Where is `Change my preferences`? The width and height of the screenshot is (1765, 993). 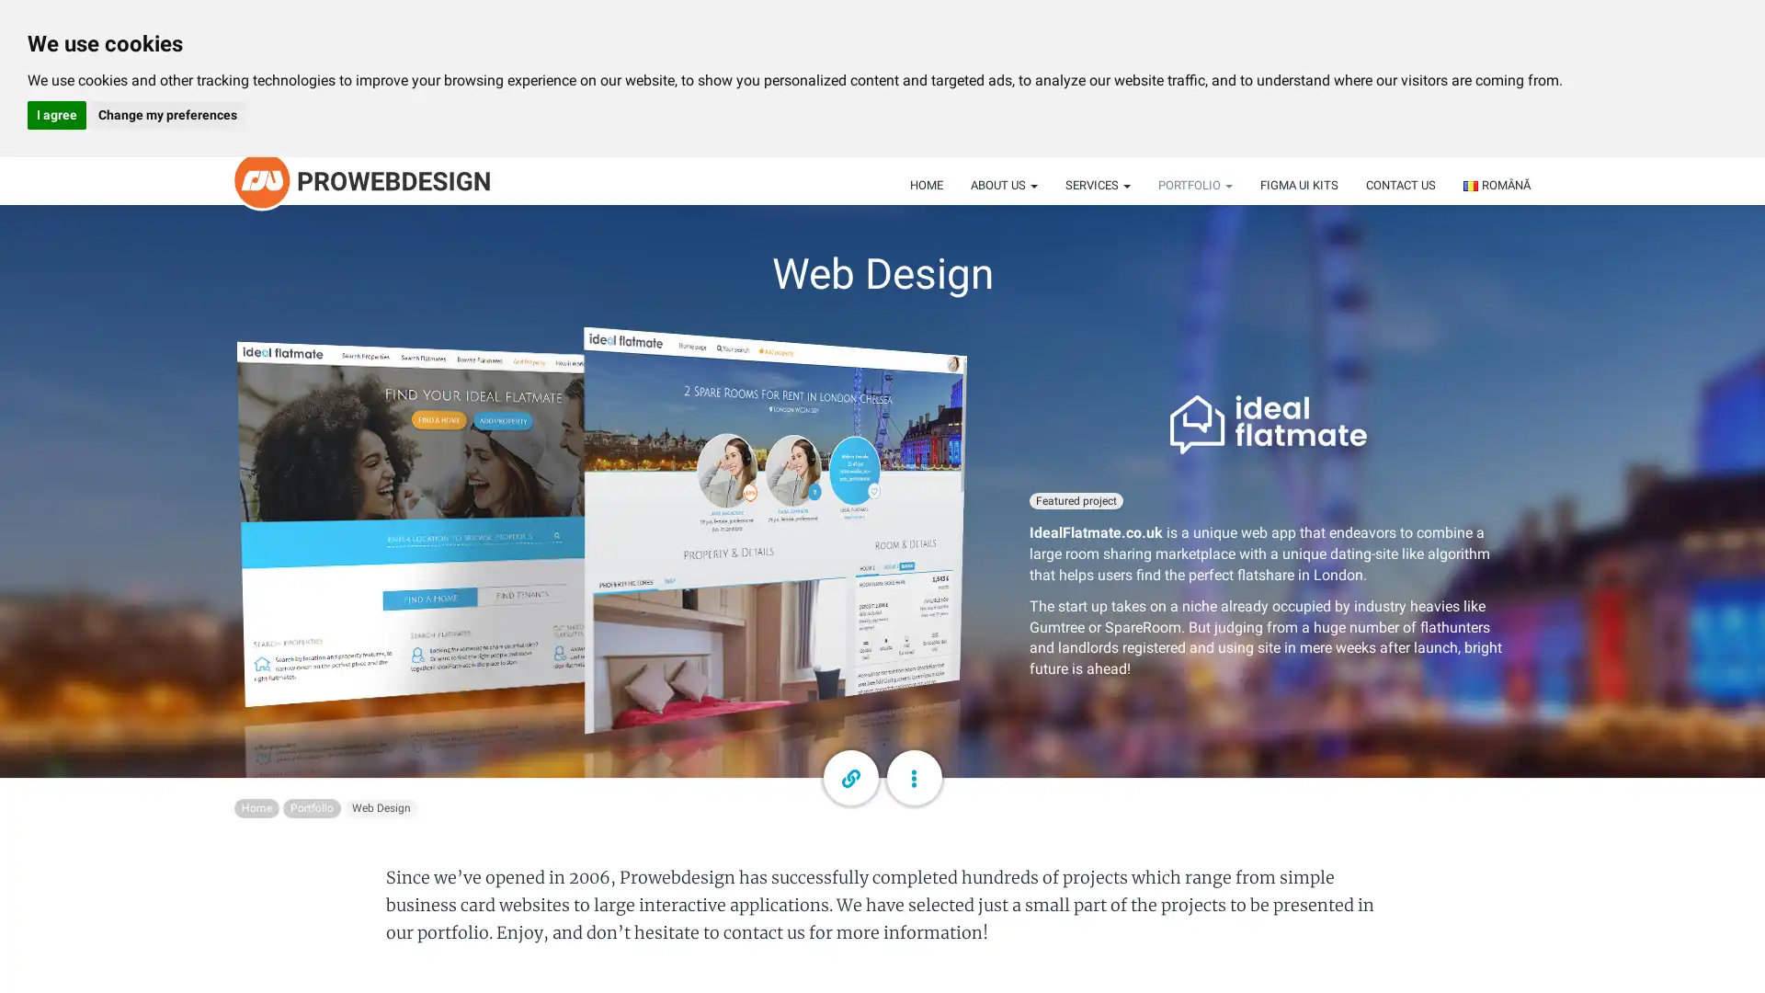
Change my preferences is located at coordinates (166, 115).